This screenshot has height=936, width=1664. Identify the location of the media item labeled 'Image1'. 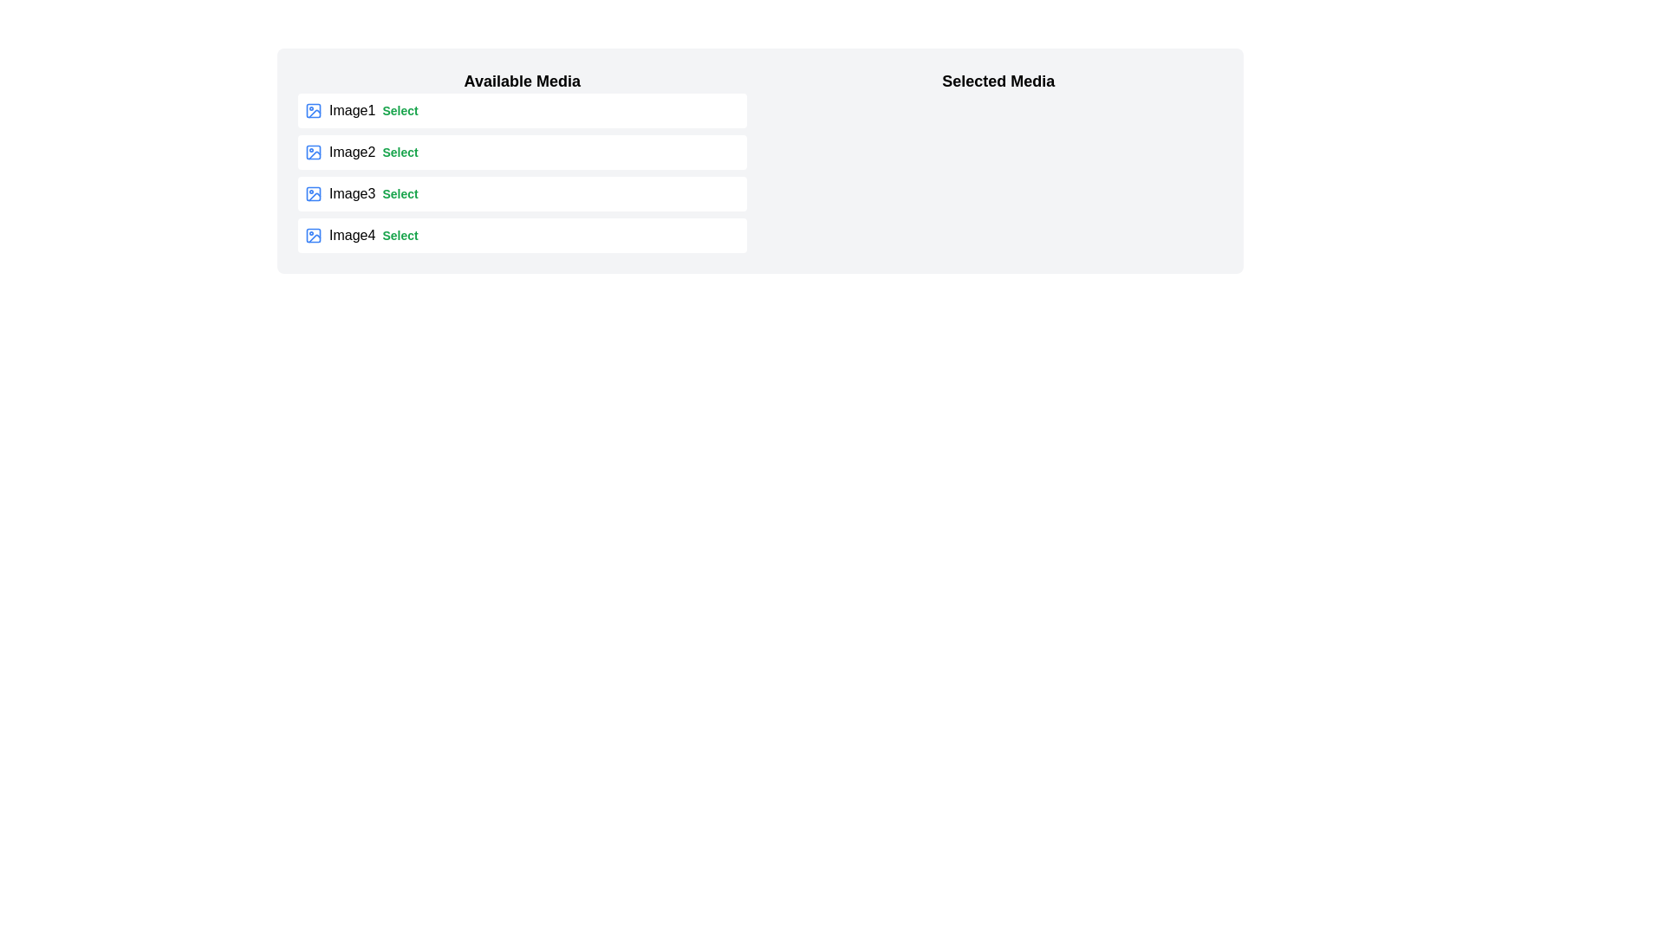
(521, 110).